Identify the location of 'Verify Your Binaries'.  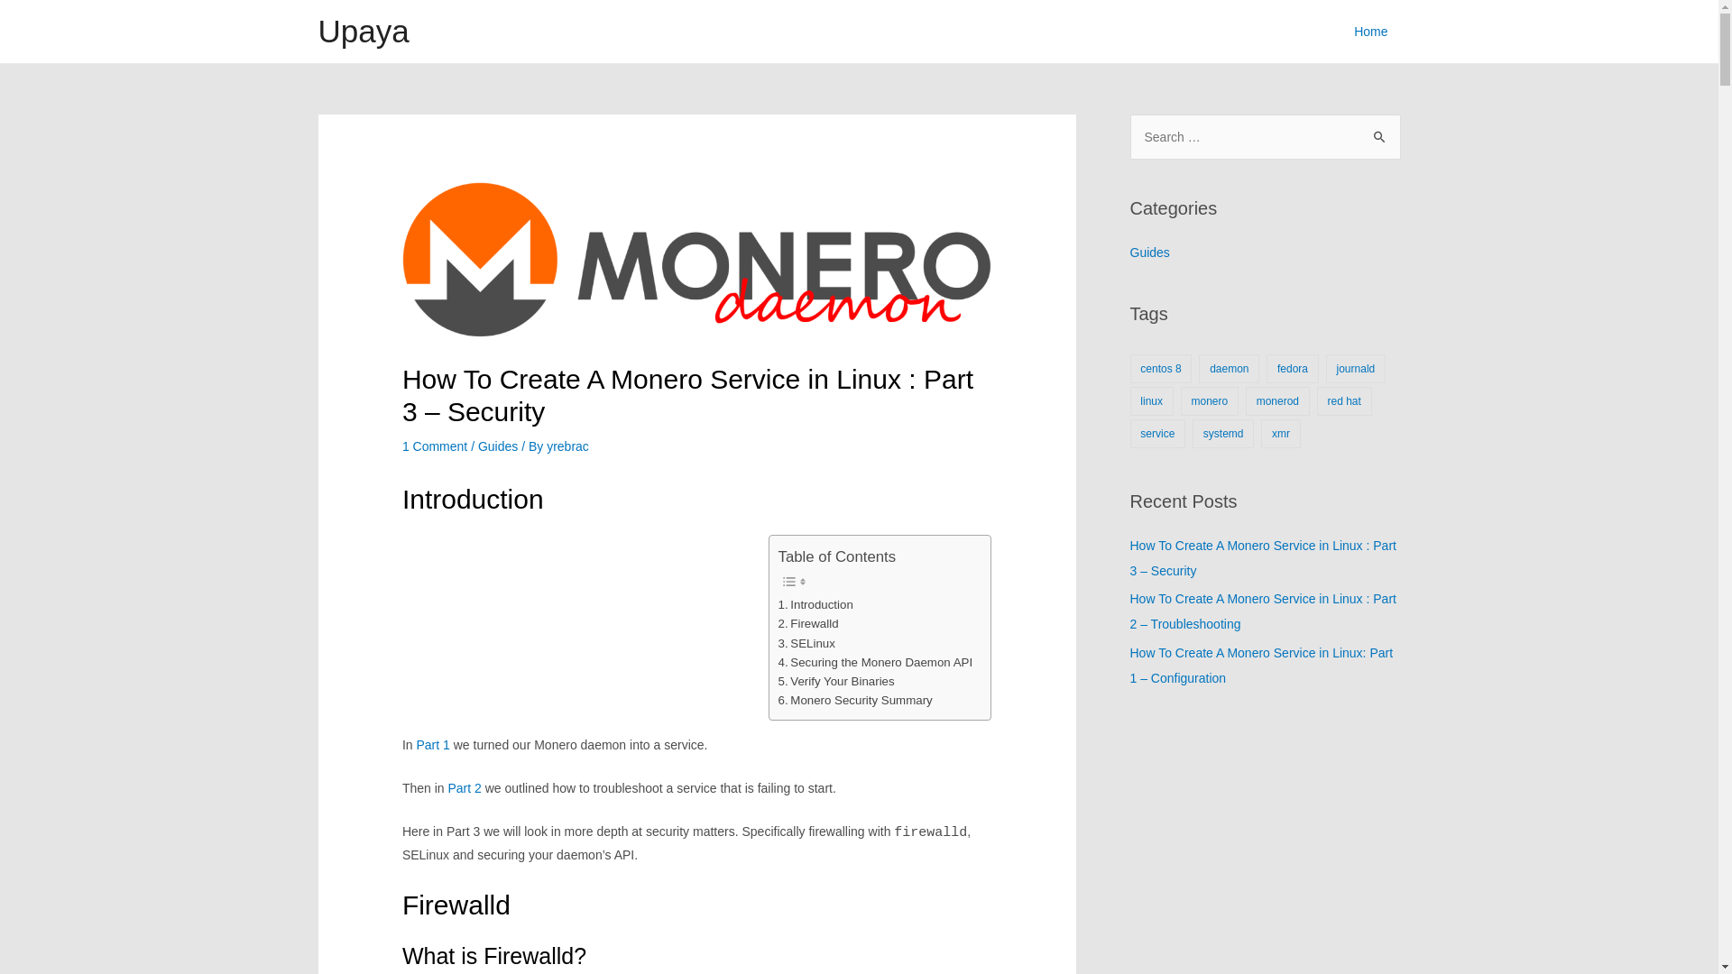
(778, 681).